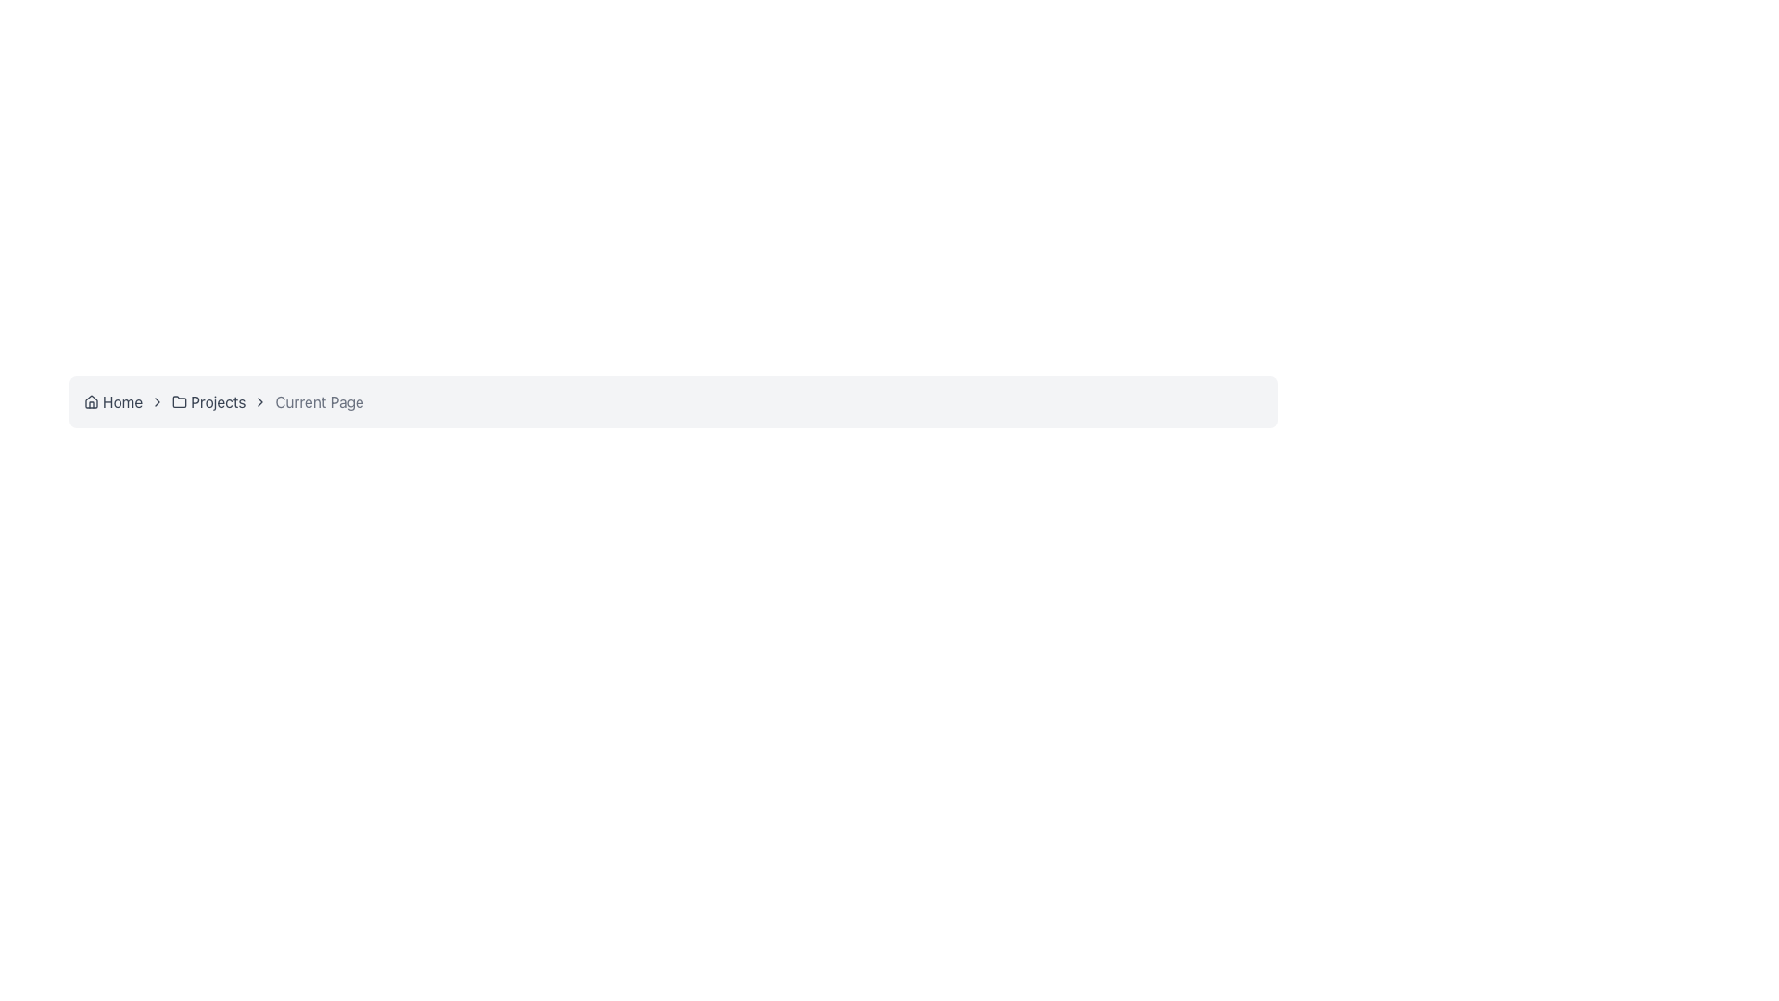  What do you see at coordinates (320, 401) in the screenshot?
I see `the text element indicating the user's current location in the breadcrumb navigation, which is the last item after 'Projects'` at bounding box center [320, 401].